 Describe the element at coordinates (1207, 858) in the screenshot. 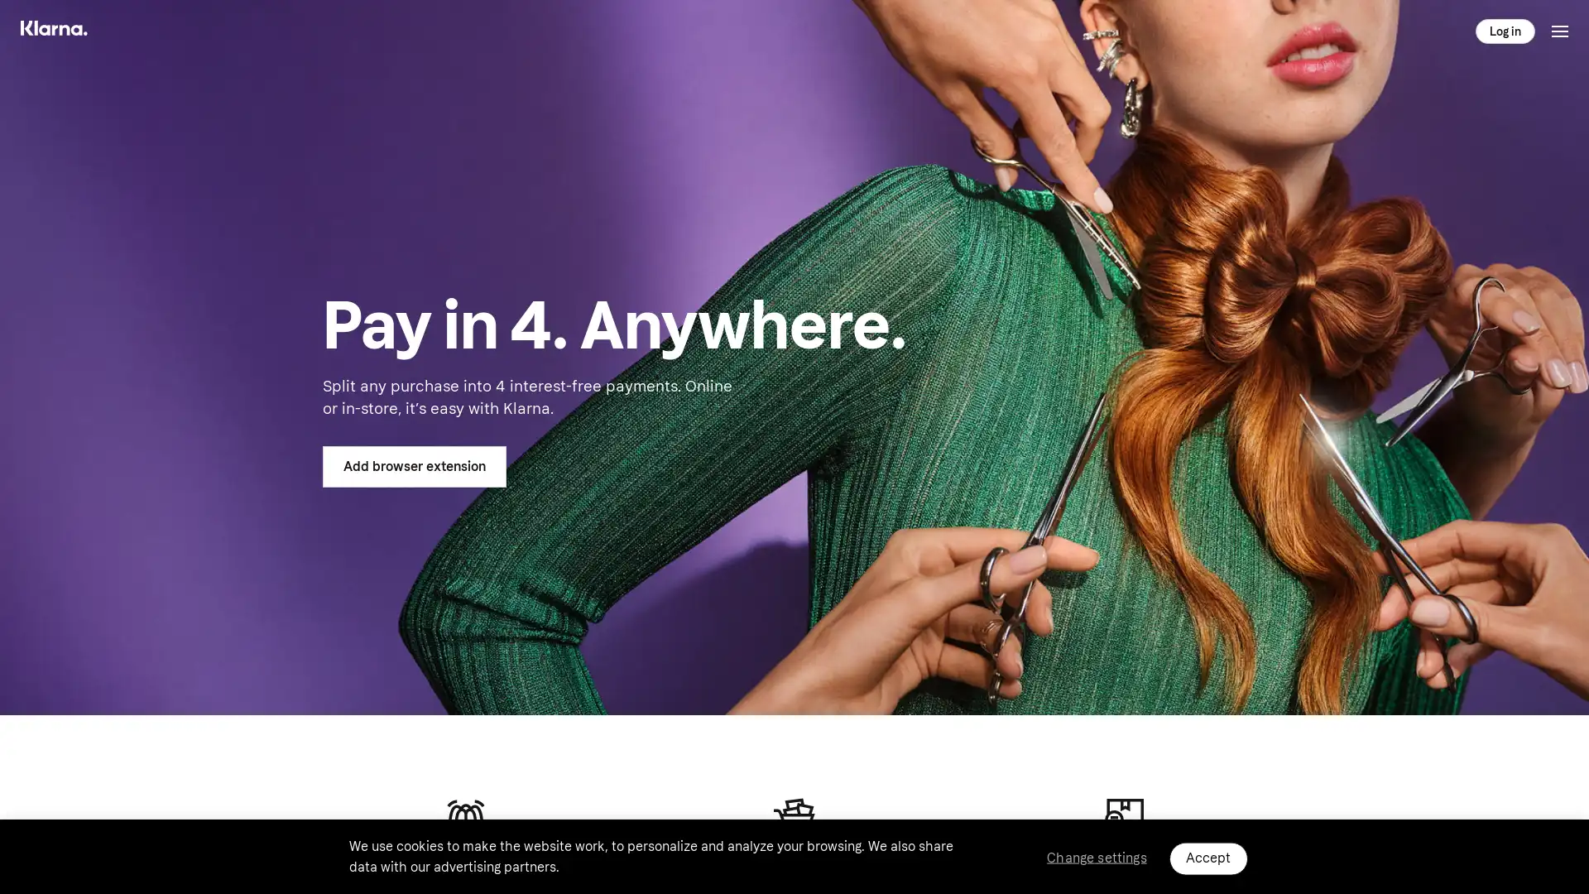

I see `Accept` at that location.